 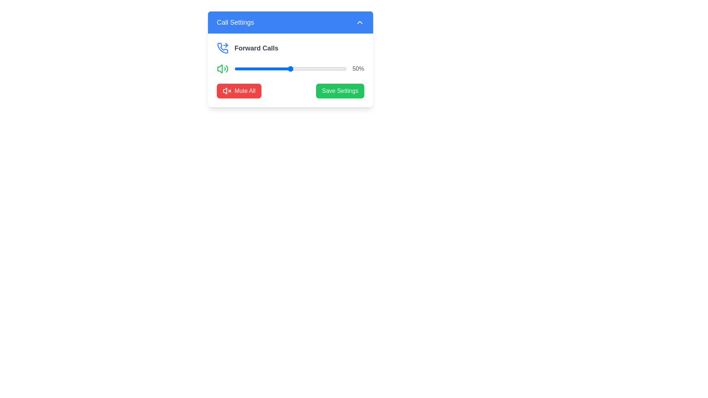 What do you see at coordinates (273, 69) in the screenshot?
I see `the volume slider` at bounding box center [273, 69].